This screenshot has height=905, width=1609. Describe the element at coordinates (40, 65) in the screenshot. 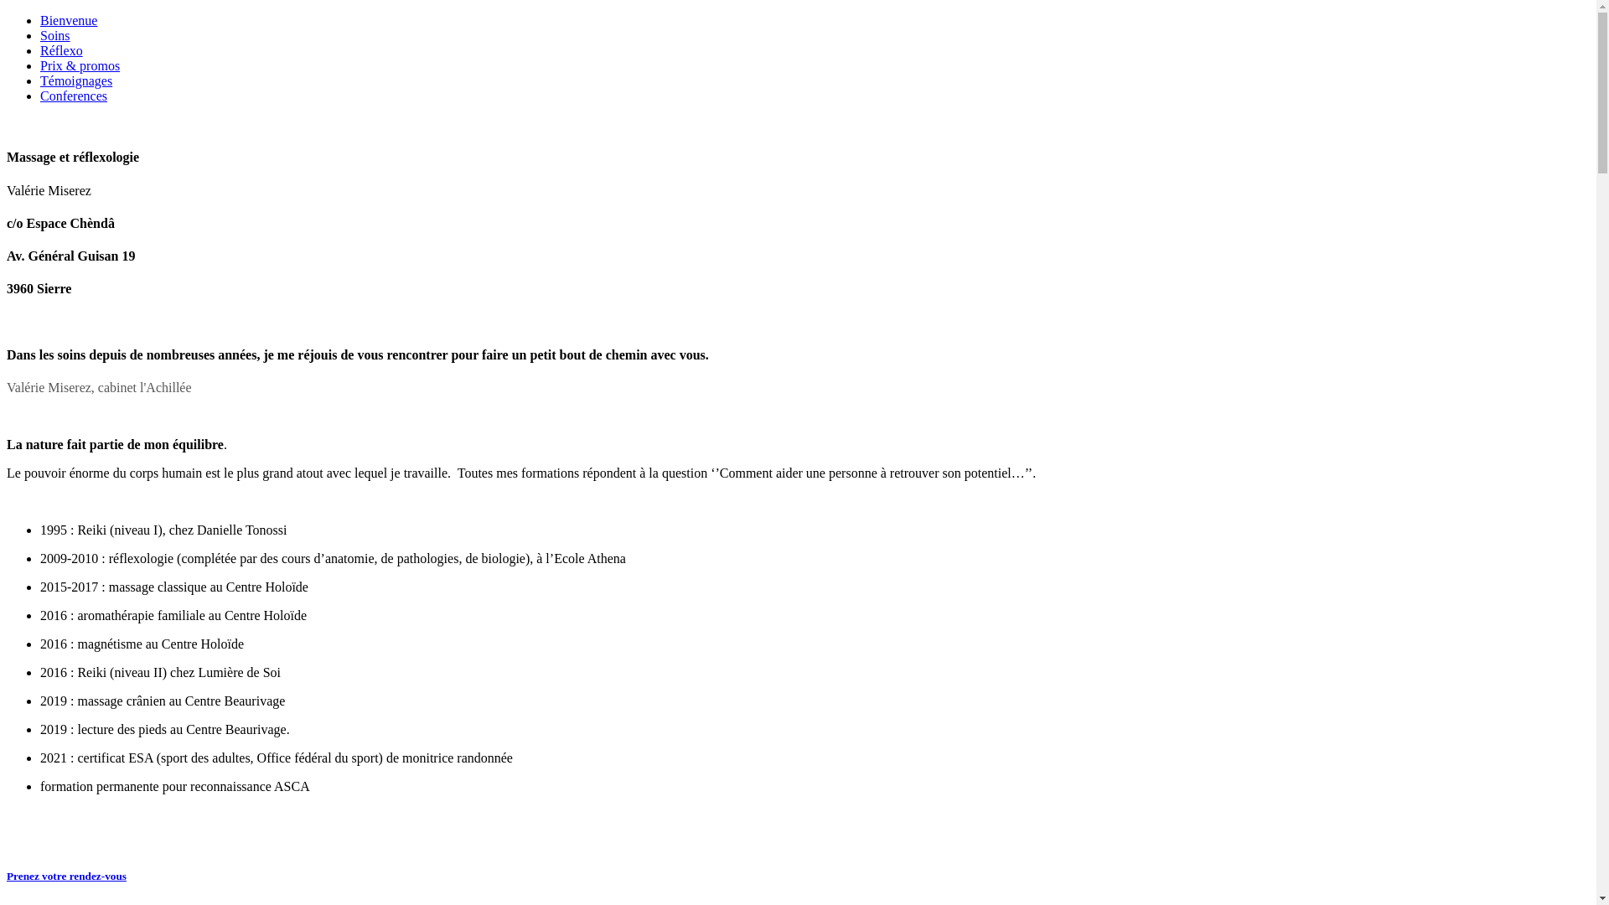

I see `'Prix & promos'` at that location.